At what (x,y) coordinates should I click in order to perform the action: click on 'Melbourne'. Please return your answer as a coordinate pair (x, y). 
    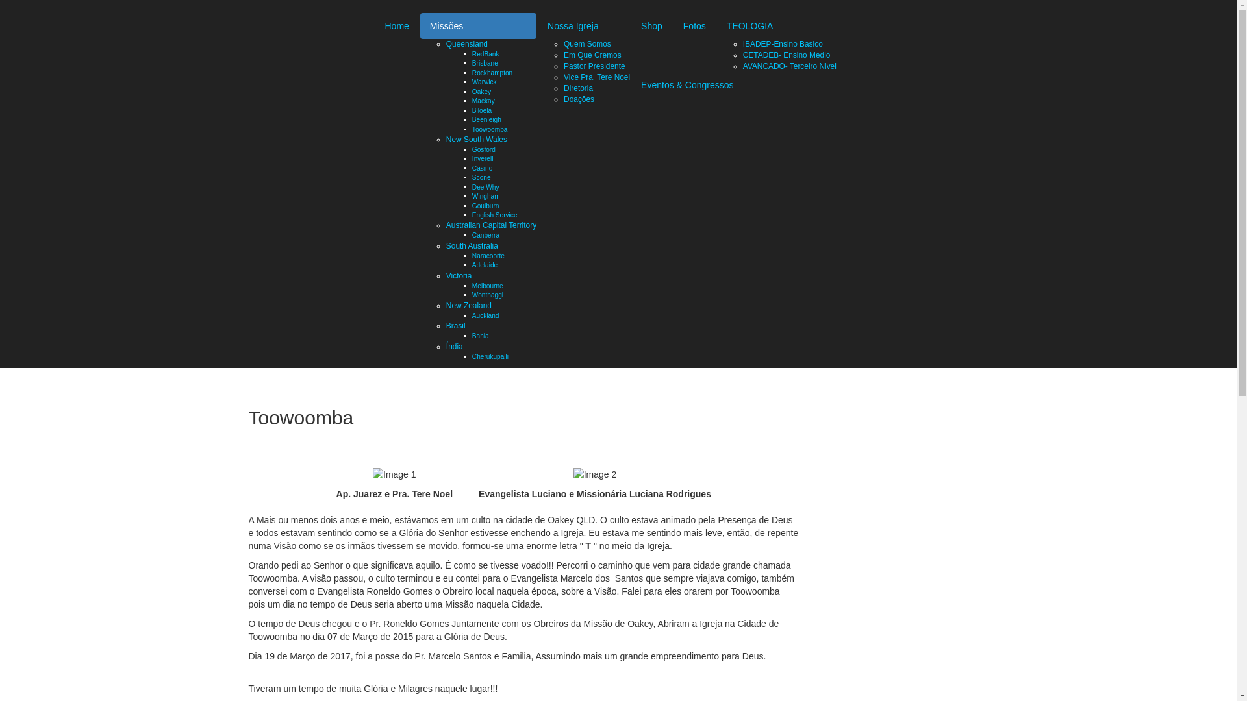
    Looking at the image, I should click on (486, 285).